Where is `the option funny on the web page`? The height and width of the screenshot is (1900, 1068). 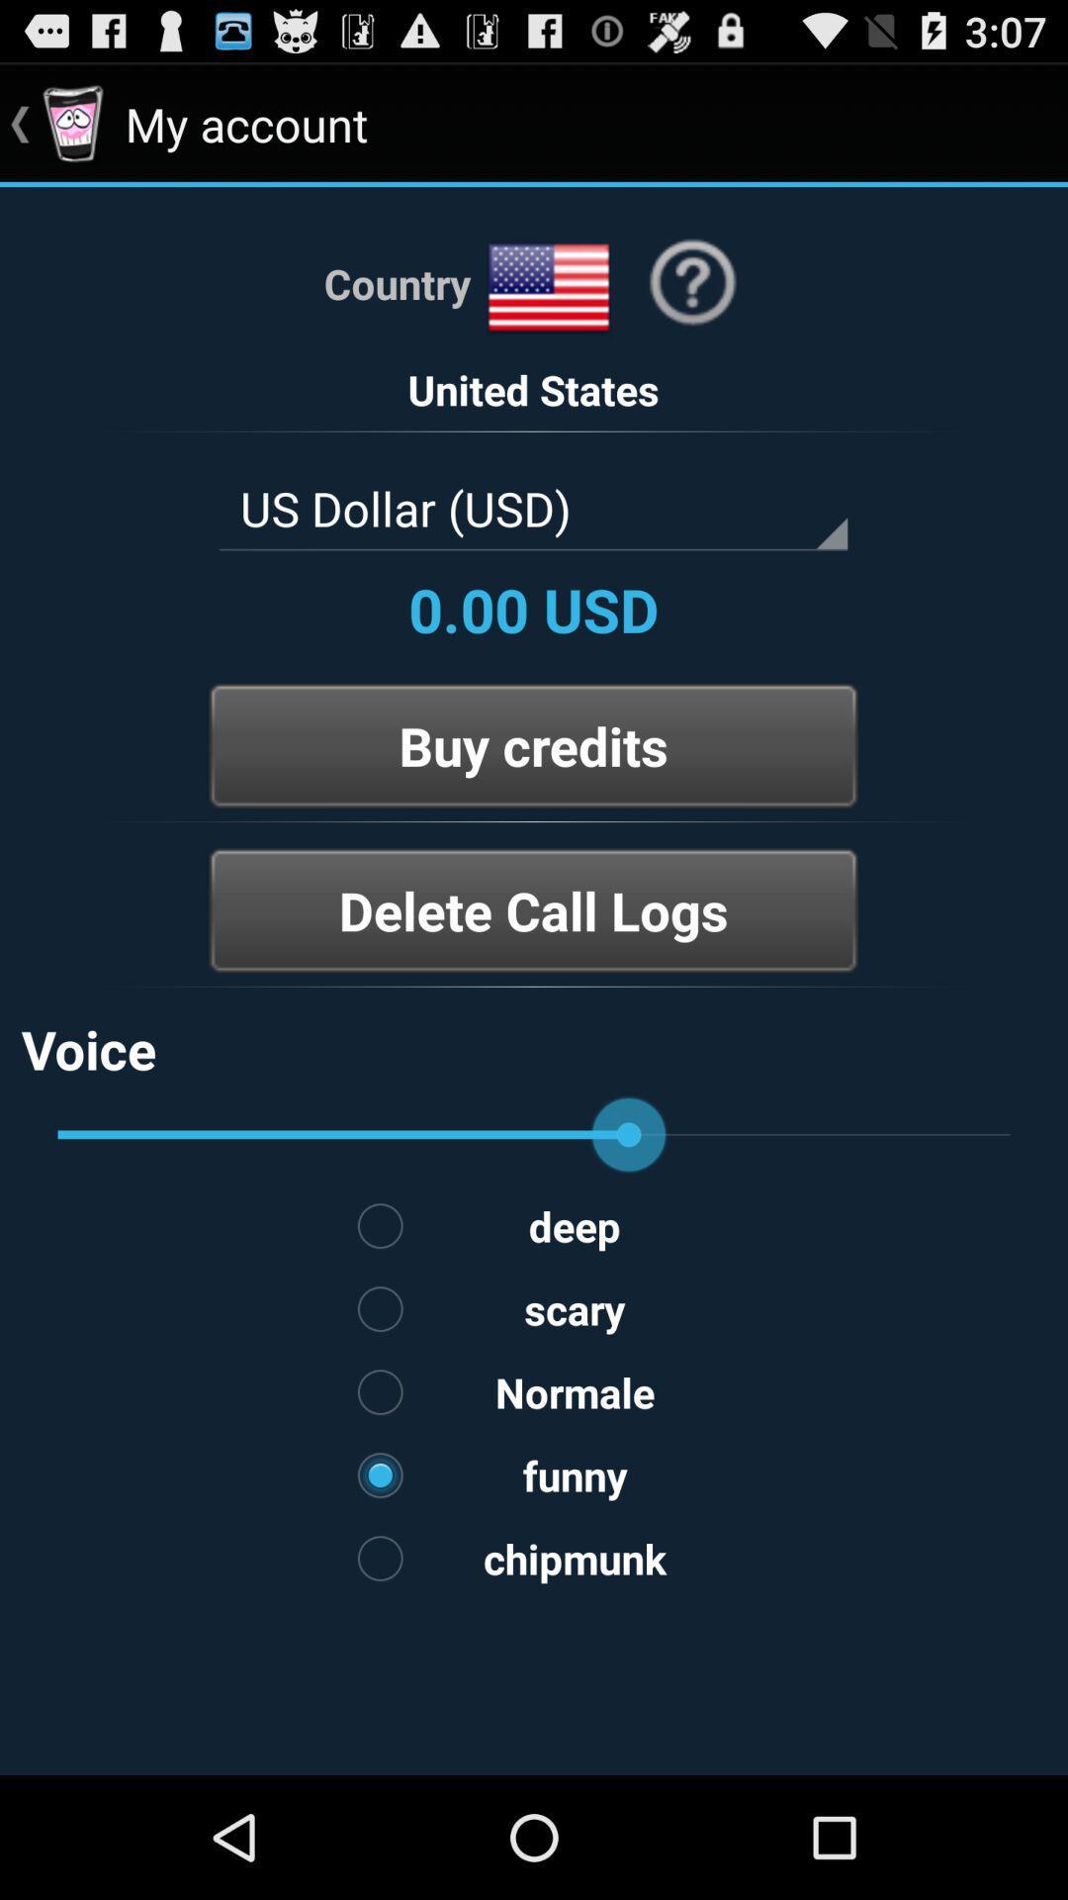 the option funny on the web page is located at coordinates (534, 1475).